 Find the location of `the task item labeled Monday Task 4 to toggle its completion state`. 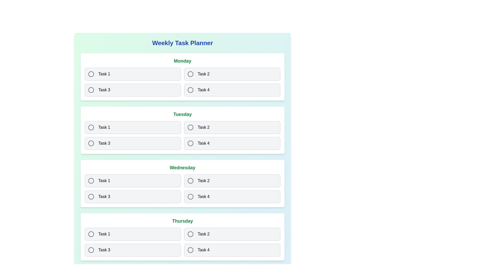

the task item labeled Monday Task 4 to toggle its completion state is located at coordinates (232, 90).